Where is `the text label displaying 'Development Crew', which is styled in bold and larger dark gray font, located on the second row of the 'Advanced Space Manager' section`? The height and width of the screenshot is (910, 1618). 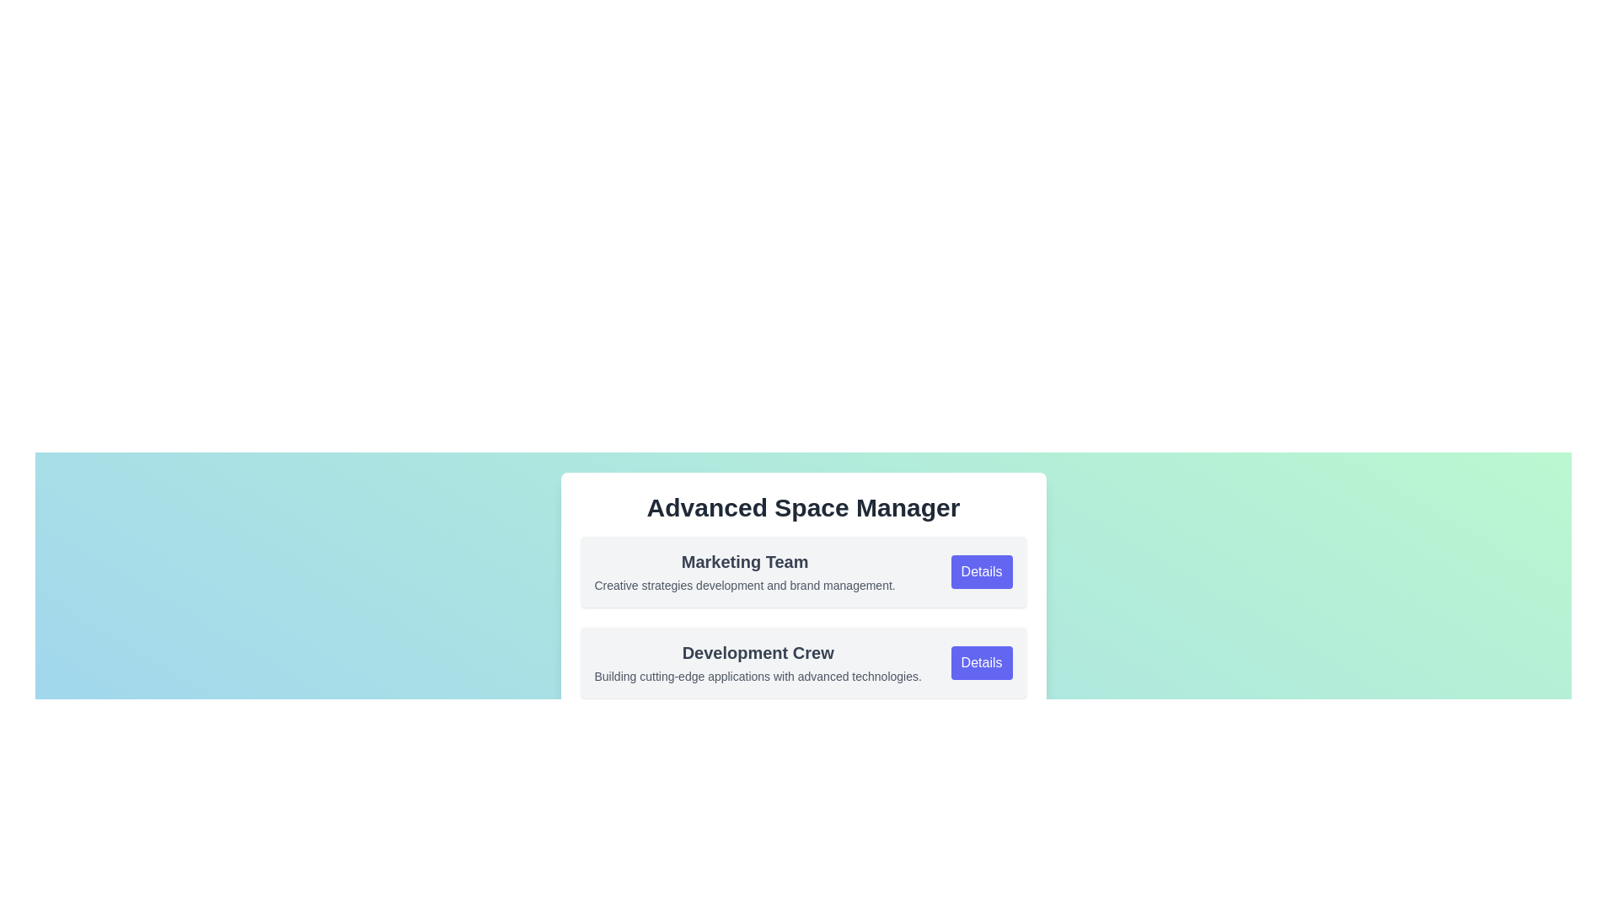
the text label displaying 'Development Crew', which is styled in bold and larger dark gray font, located on the second row of the 'Advanced Space Manager' section is located at coordinates (757, 652).